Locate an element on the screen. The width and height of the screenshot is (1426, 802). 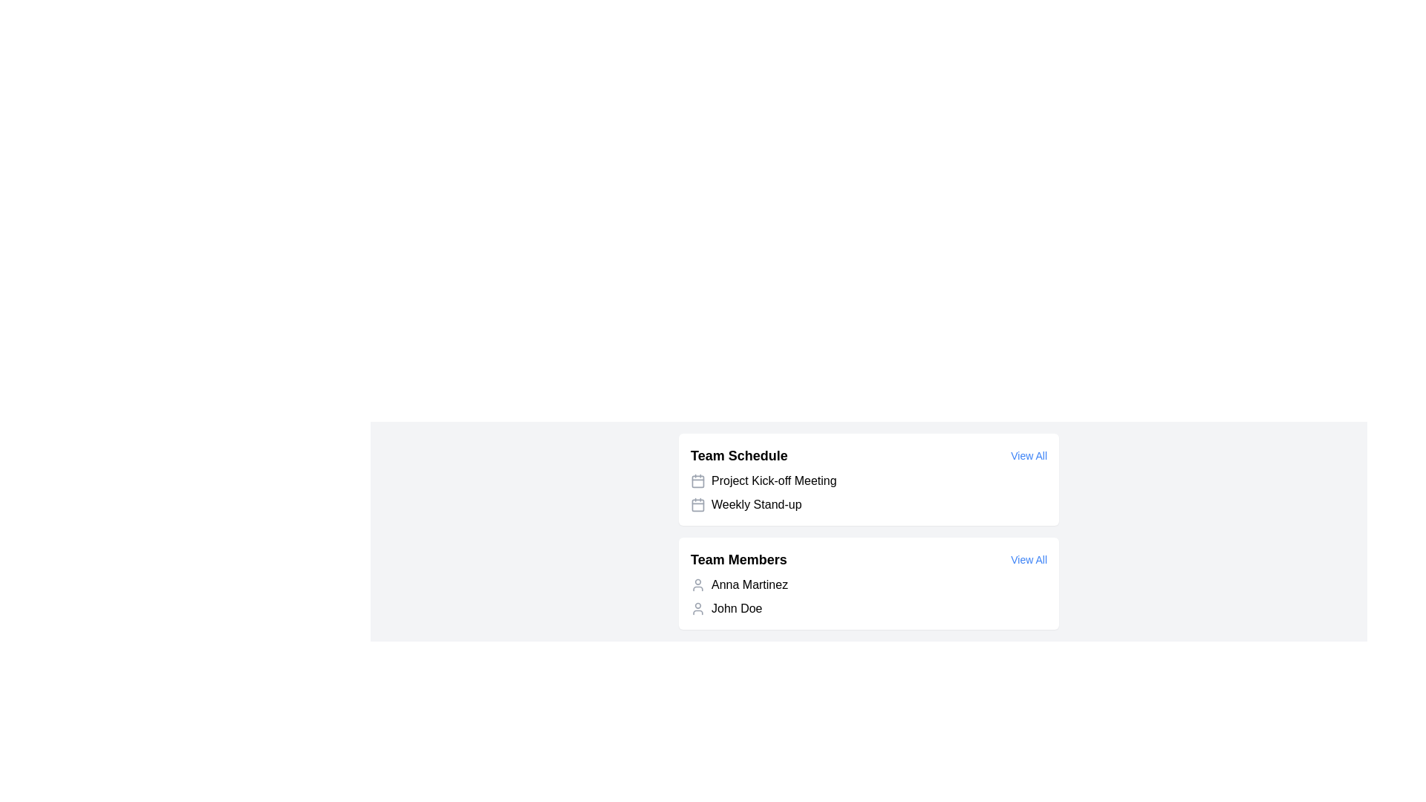
the hyperlink styled as a button located in the top-right corner of the 'Team Schedule' section is located at coordinates (1028, 454).